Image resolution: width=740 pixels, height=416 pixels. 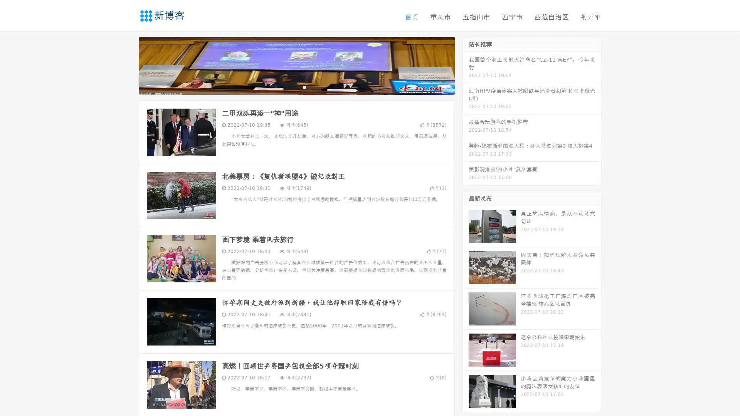 I want to click on Go to slide 2, so click(x=296, y=87).